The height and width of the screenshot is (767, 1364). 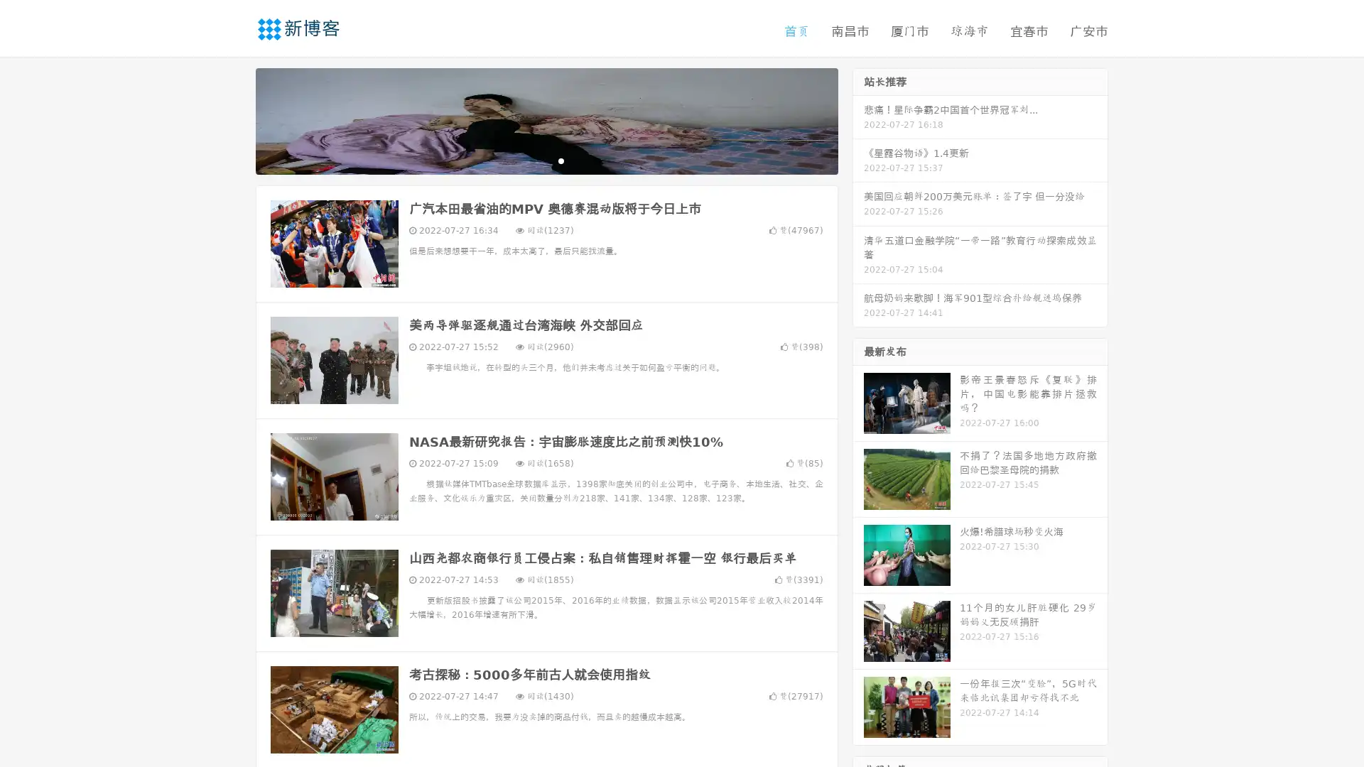 I want to click on Previous slide, so click(x=234, y=119).